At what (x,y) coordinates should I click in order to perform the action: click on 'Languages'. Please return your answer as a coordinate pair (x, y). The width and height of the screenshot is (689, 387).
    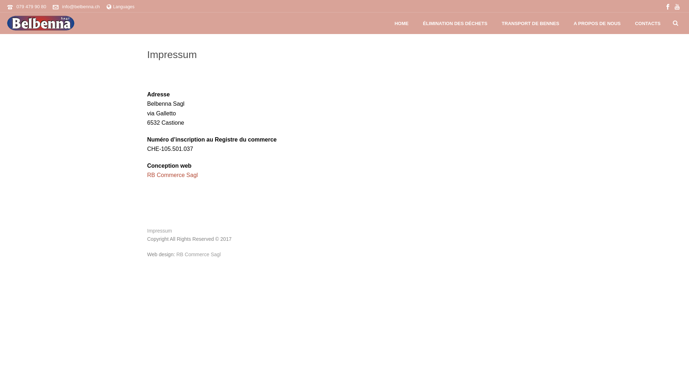
    Looking at the image, I should click on (121, 7).